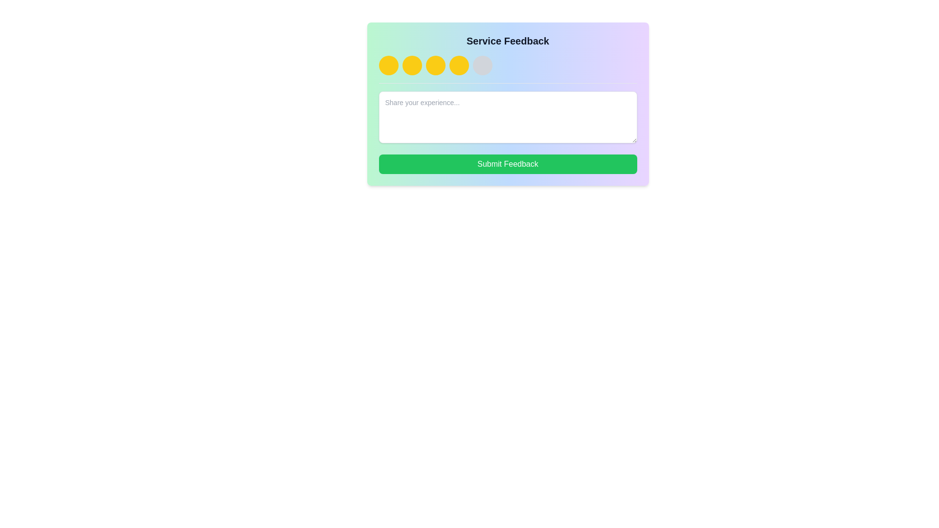 This screenshot has width=939, height=528. Describe the element at coordinates (458, 66) in the screenshot. I see `the fourth circular rating button in the feedback interface` at that location.